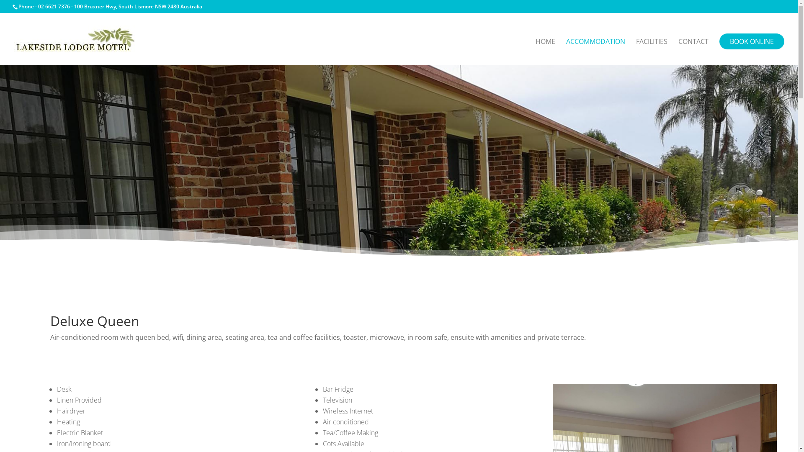 This screenshot has width=804, height=452. I want to click on 'BOOK ONLINE', so click(719, 41).